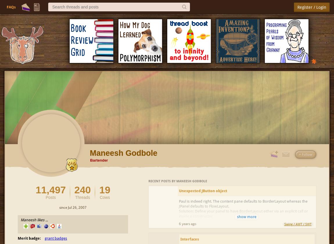  Describe the element at coordinates (50, 197) in the screenshot. I see `'Posts'` at that location.